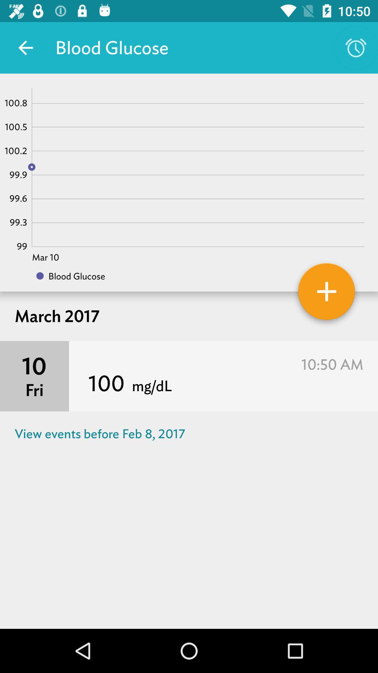  What do you see at coordinates (25, 47) in the screenshot?
I see `go back` at bounding box center [25, 47].